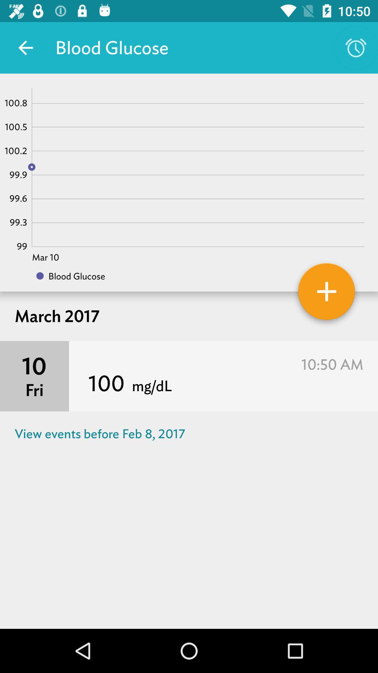  What do you see at coordinates (25, 47) in the screenshot?
I see `go back` at bounding box center [25, 47].